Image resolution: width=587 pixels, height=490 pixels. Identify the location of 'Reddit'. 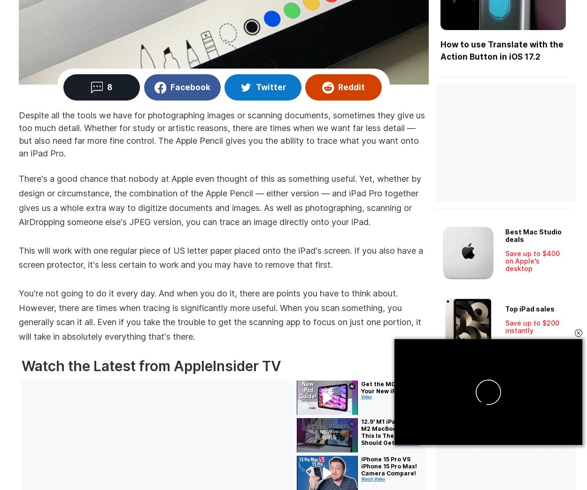
(351, 86).